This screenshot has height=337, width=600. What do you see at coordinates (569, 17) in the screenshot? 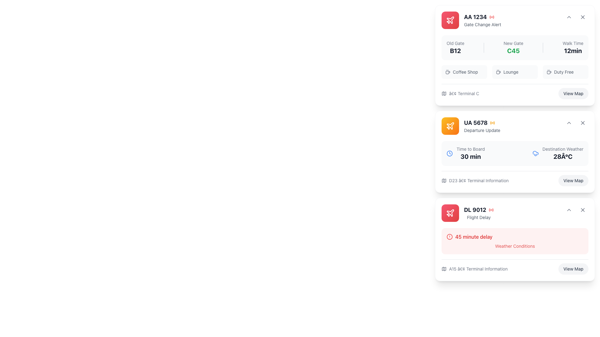
I see `the upward-facing chevron arrow icon located in the top-right corner of the 'AA 1234 Gate Change Alert' card` at bounding box center [569, 17].